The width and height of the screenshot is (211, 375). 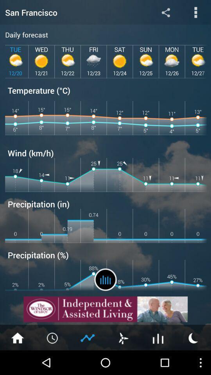 What do you see at coordinates (195, 12) in the screenshot?
I see `more information` at bounding box center [195, 12].